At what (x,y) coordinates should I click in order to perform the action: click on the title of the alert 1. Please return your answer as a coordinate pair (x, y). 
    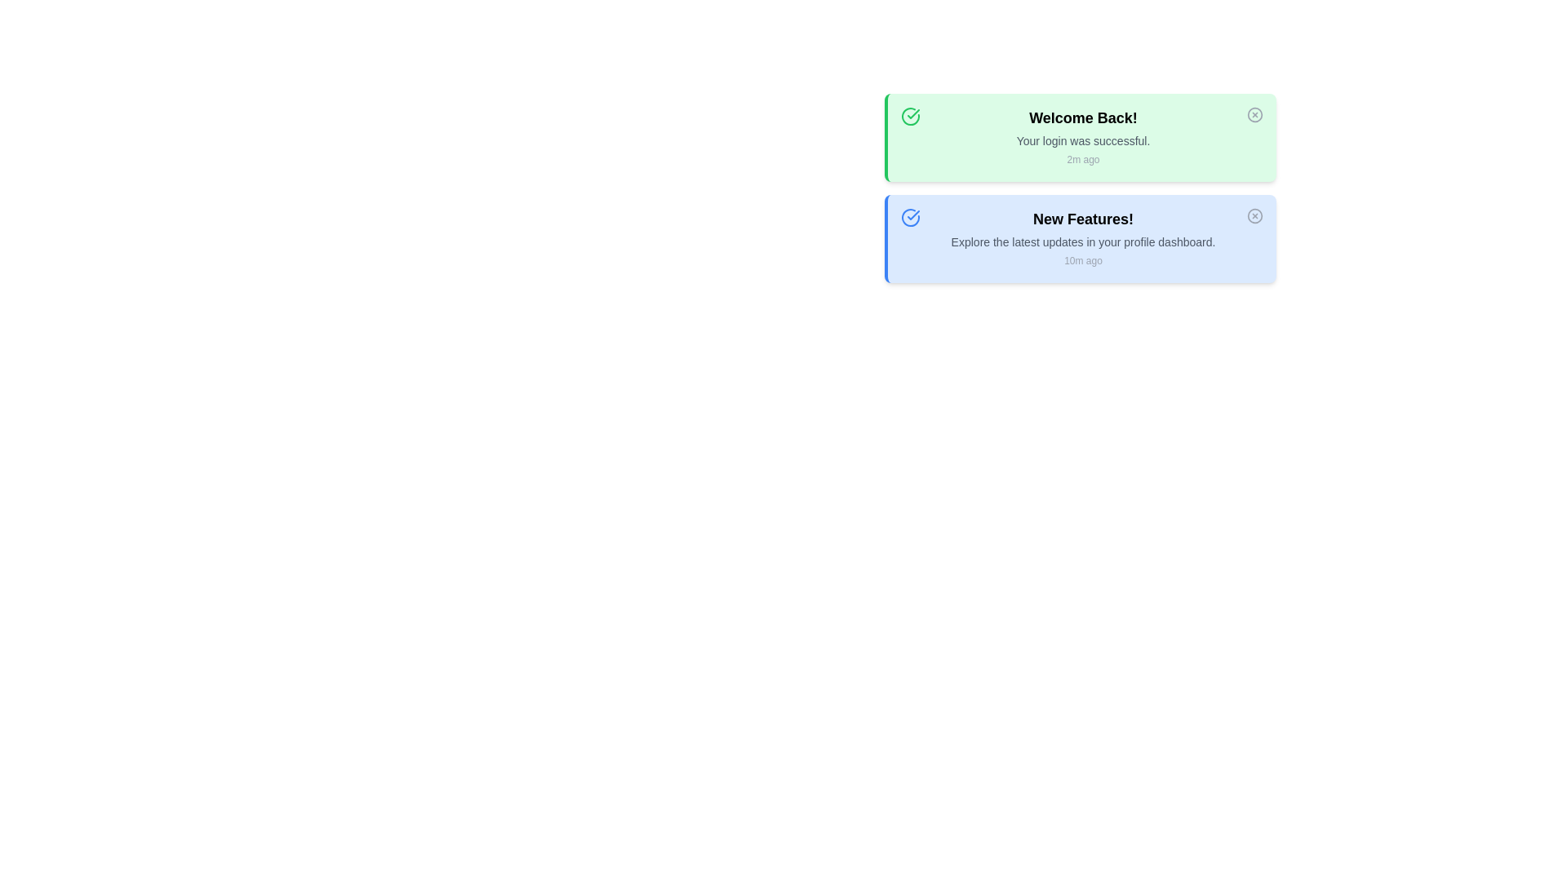
    Looking at the image, I should click on (1083, 117).